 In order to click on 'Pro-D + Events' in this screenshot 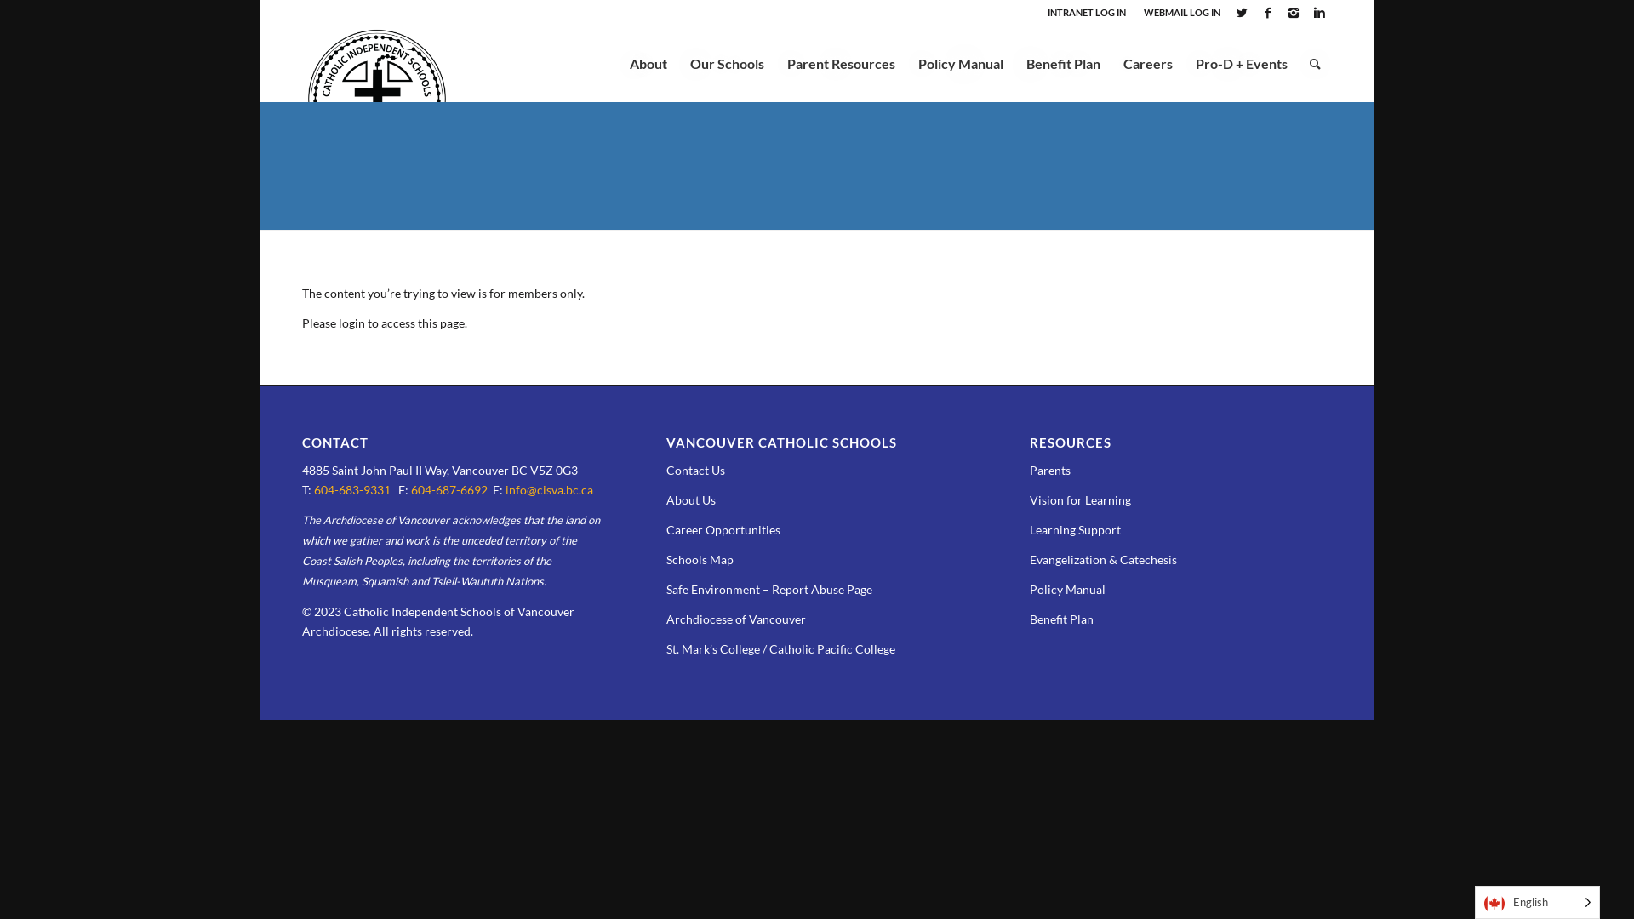, I will do `click(1241, 62)`.